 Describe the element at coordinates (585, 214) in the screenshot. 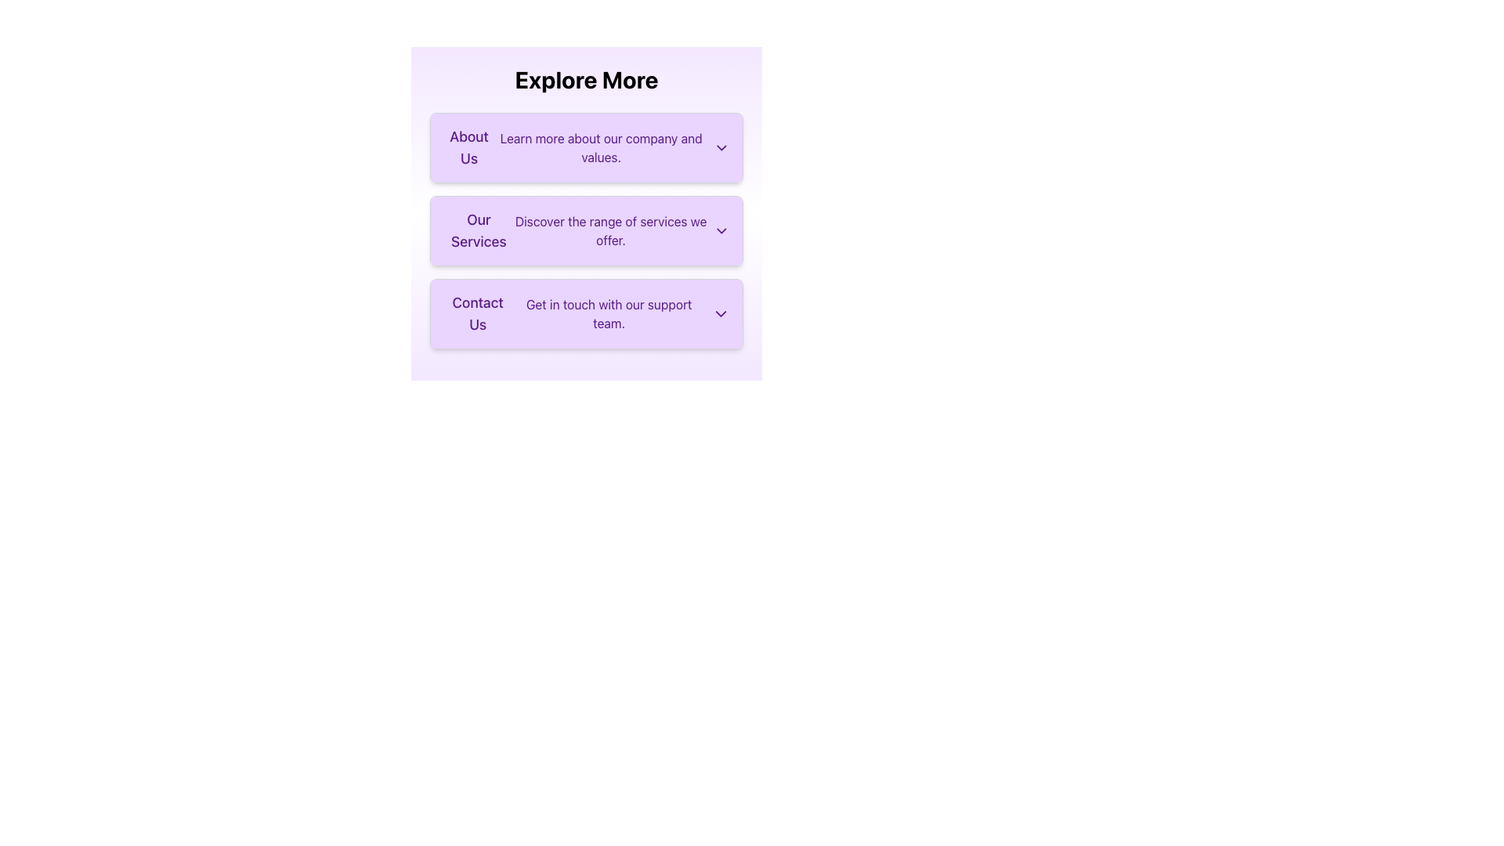

I see `text on the Navigational Card located at the second position in the vertical stack within the 'Explore More' panel` at that location.